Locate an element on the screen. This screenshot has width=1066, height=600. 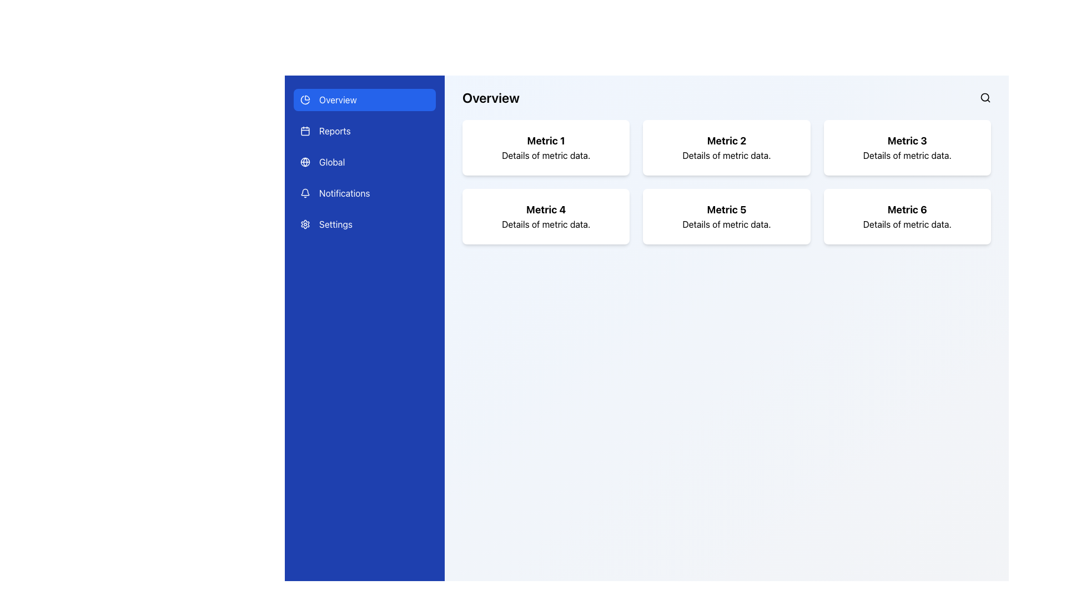
the static informational text label located beneath the title 'Metric 3' in the card positioned in the top-right corner of the grid layout is located at coordinates (907, 156).